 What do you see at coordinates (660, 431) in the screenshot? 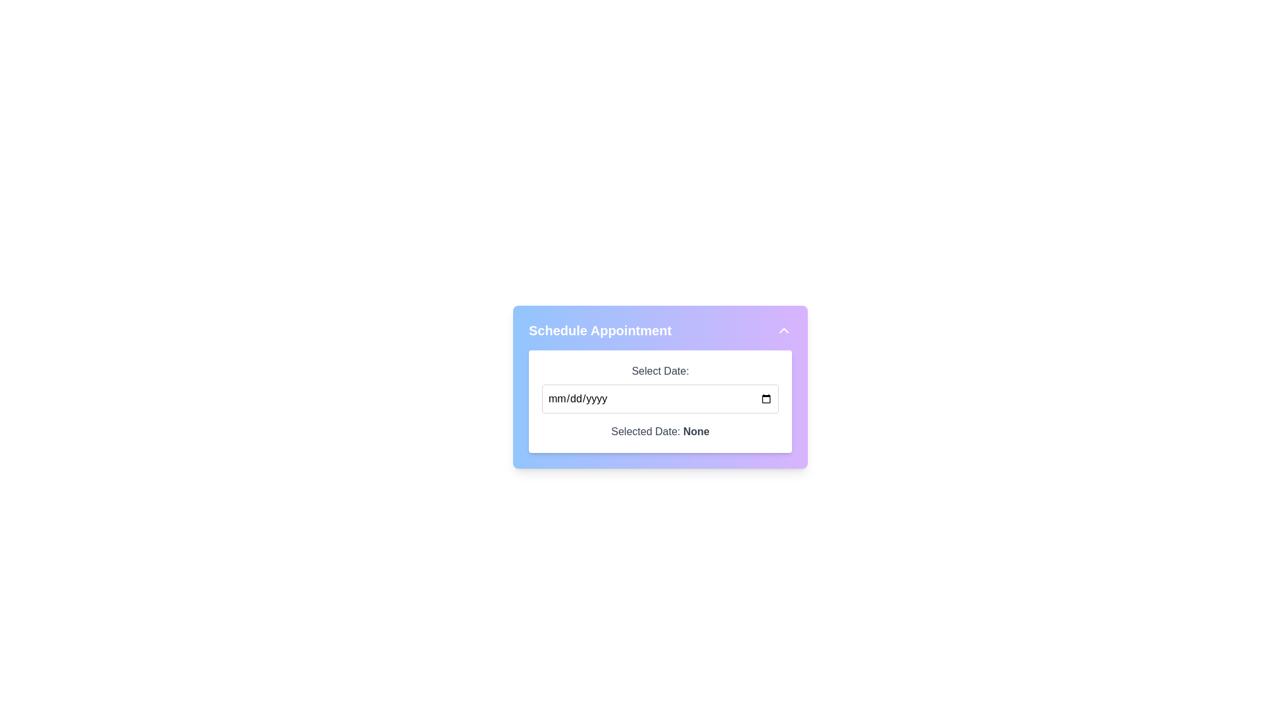
I see `the static text label displaying 'Selected Date: None', which is located in a white box with rounded corners beneath 'Select Date:' and the date input field` at bounding box center [660, 431].